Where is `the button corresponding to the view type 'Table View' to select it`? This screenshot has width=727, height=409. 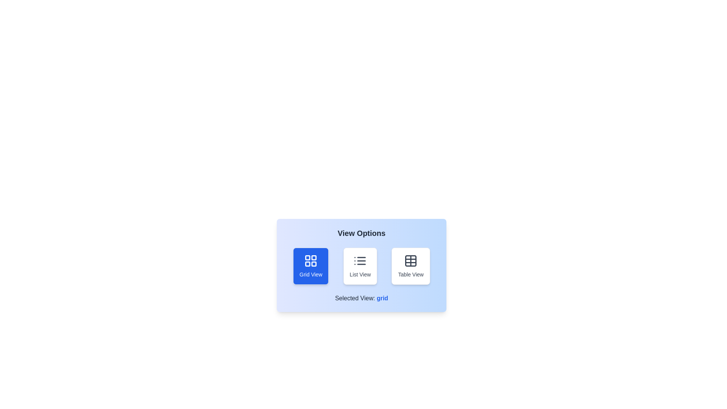 the button corresponding to the view type 'Table View' to select it is located at coordinates (410, 265).